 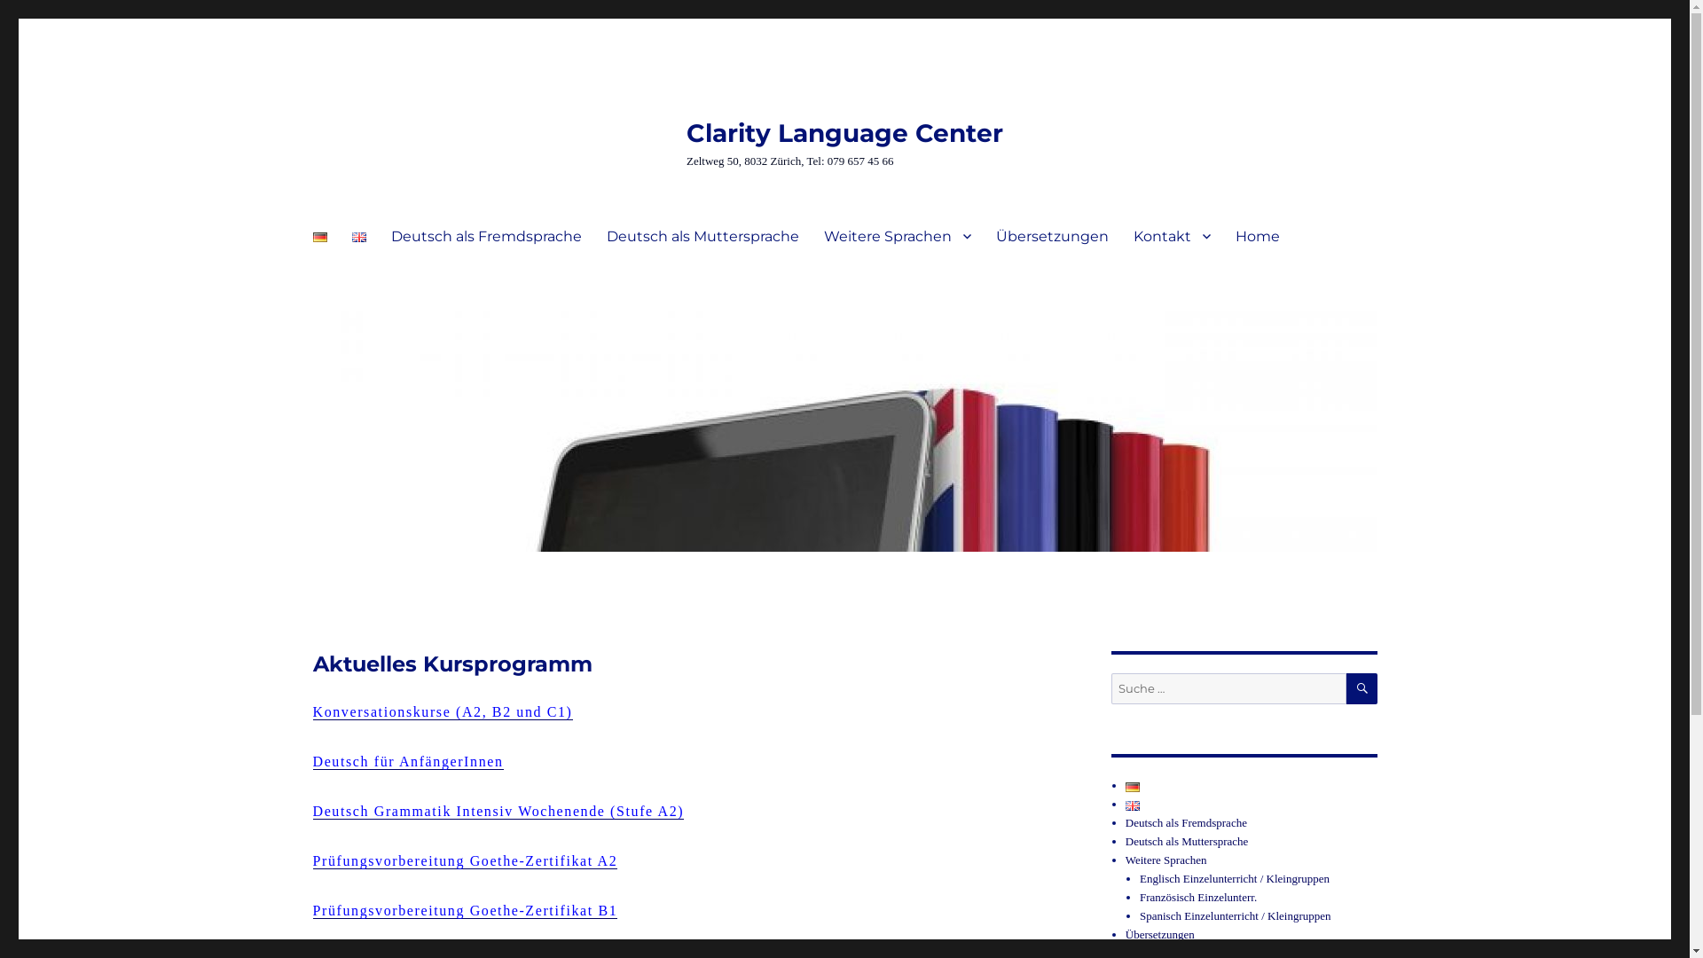 I want to click on 'English', so click(x=357, y=236).